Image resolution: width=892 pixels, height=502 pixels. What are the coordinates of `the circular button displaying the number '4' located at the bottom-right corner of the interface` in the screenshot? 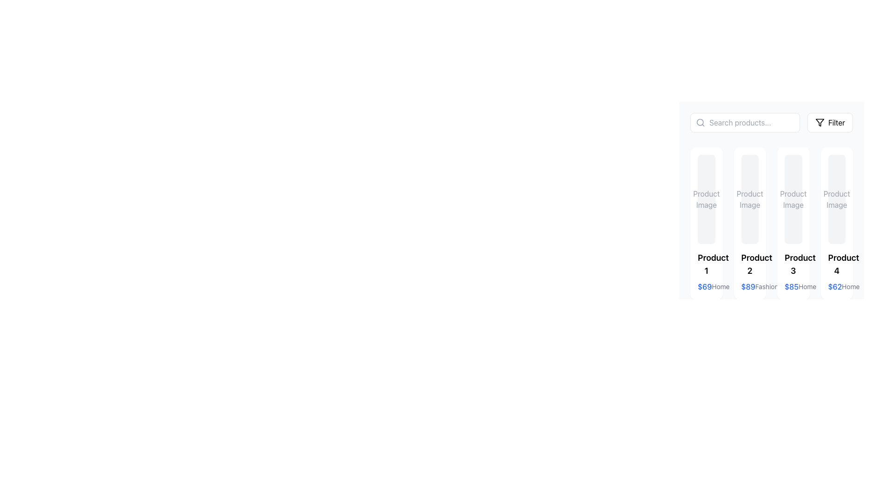 It's located at (753, 487).